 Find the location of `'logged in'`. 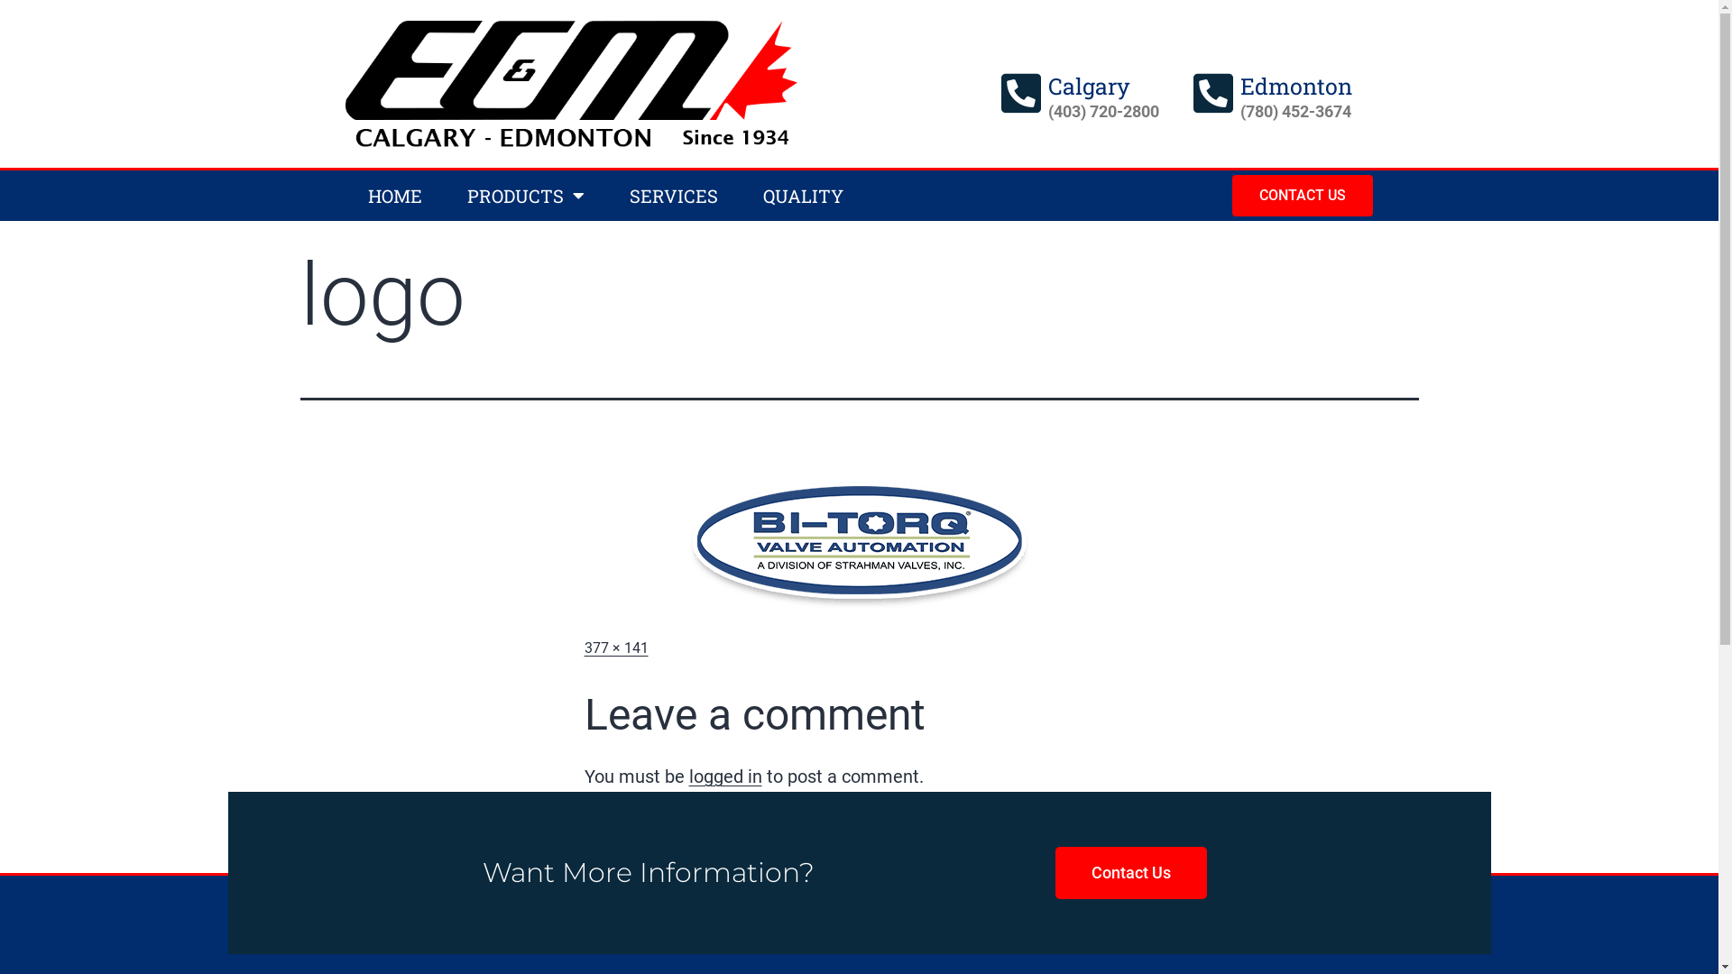

'logged in' is located at coordinates (725, 775).